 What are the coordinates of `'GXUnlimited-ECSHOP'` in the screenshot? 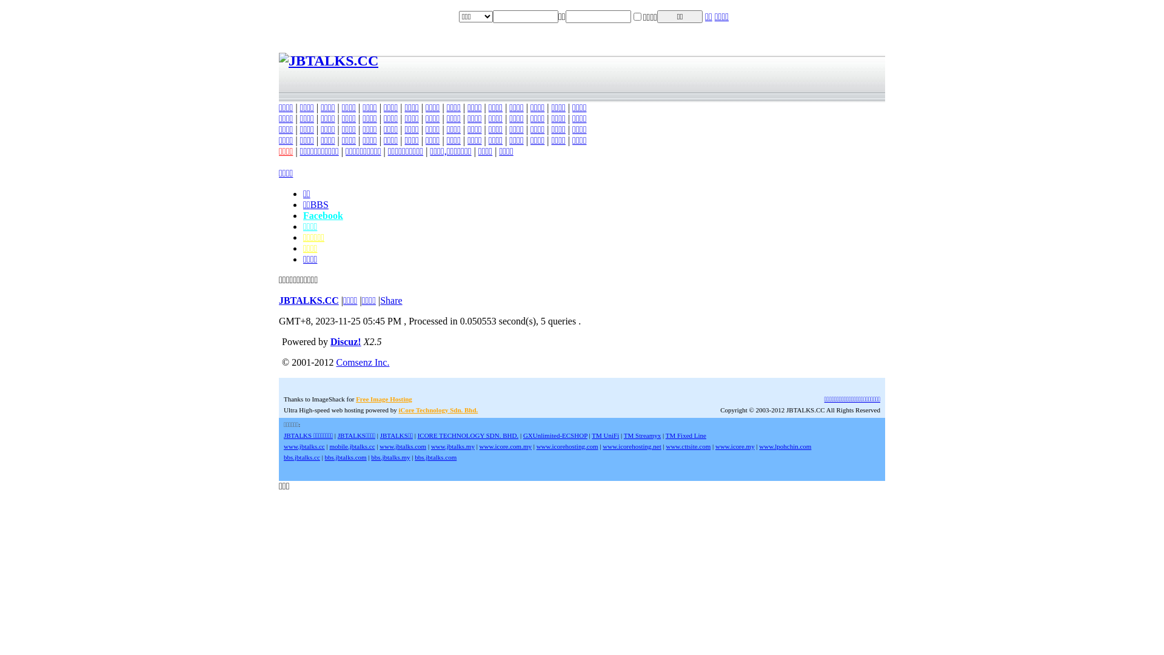 It's located at (555, 434).